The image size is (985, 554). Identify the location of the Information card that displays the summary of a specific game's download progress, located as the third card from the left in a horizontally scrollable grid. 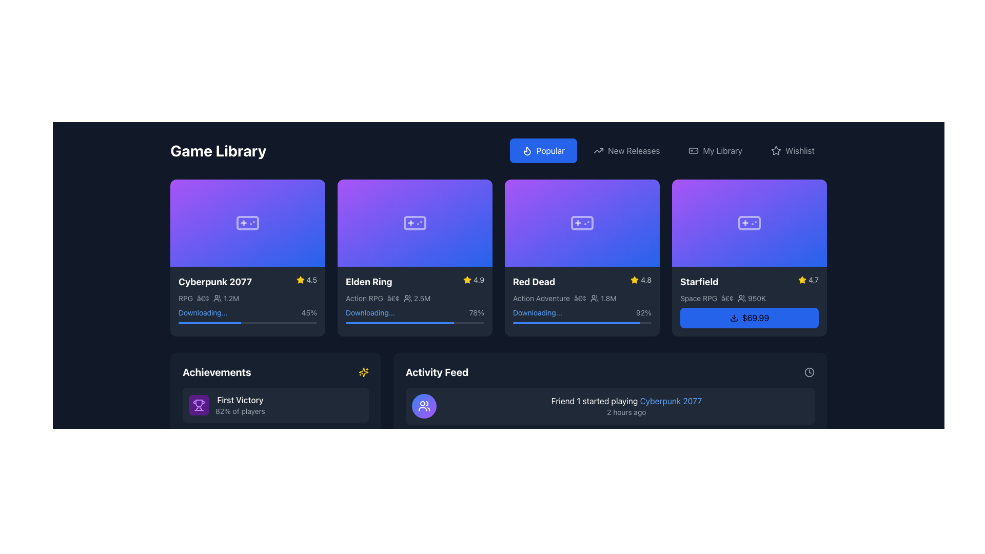
(582, 299).